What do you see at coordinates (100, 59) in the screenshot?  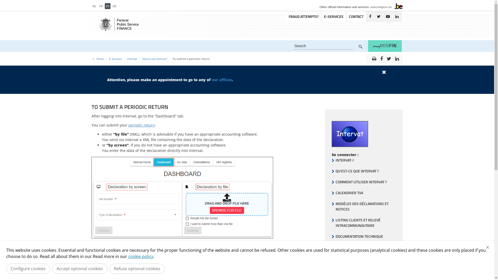 I see `'Home'` at bounding box center [100, 59].